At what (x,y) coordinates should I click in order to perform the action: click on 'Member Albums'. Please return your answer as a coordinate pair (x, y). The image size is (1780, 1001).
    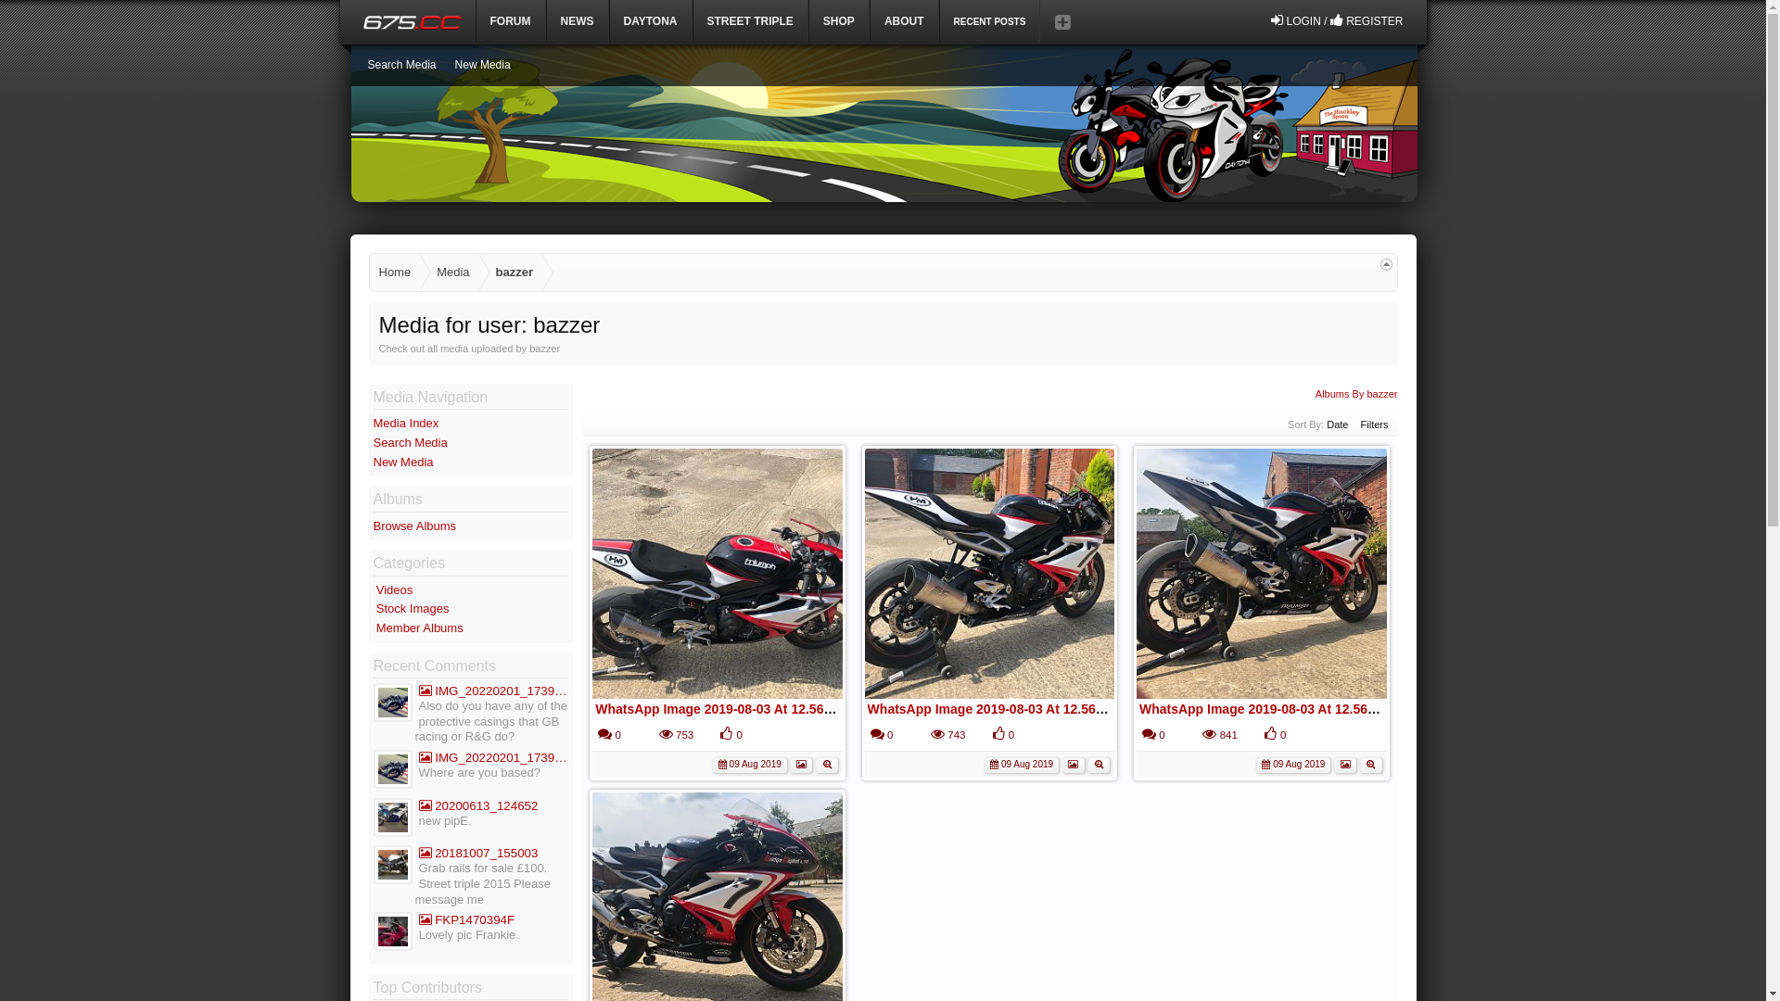
    Looking at the image, I should click on (375, 627).